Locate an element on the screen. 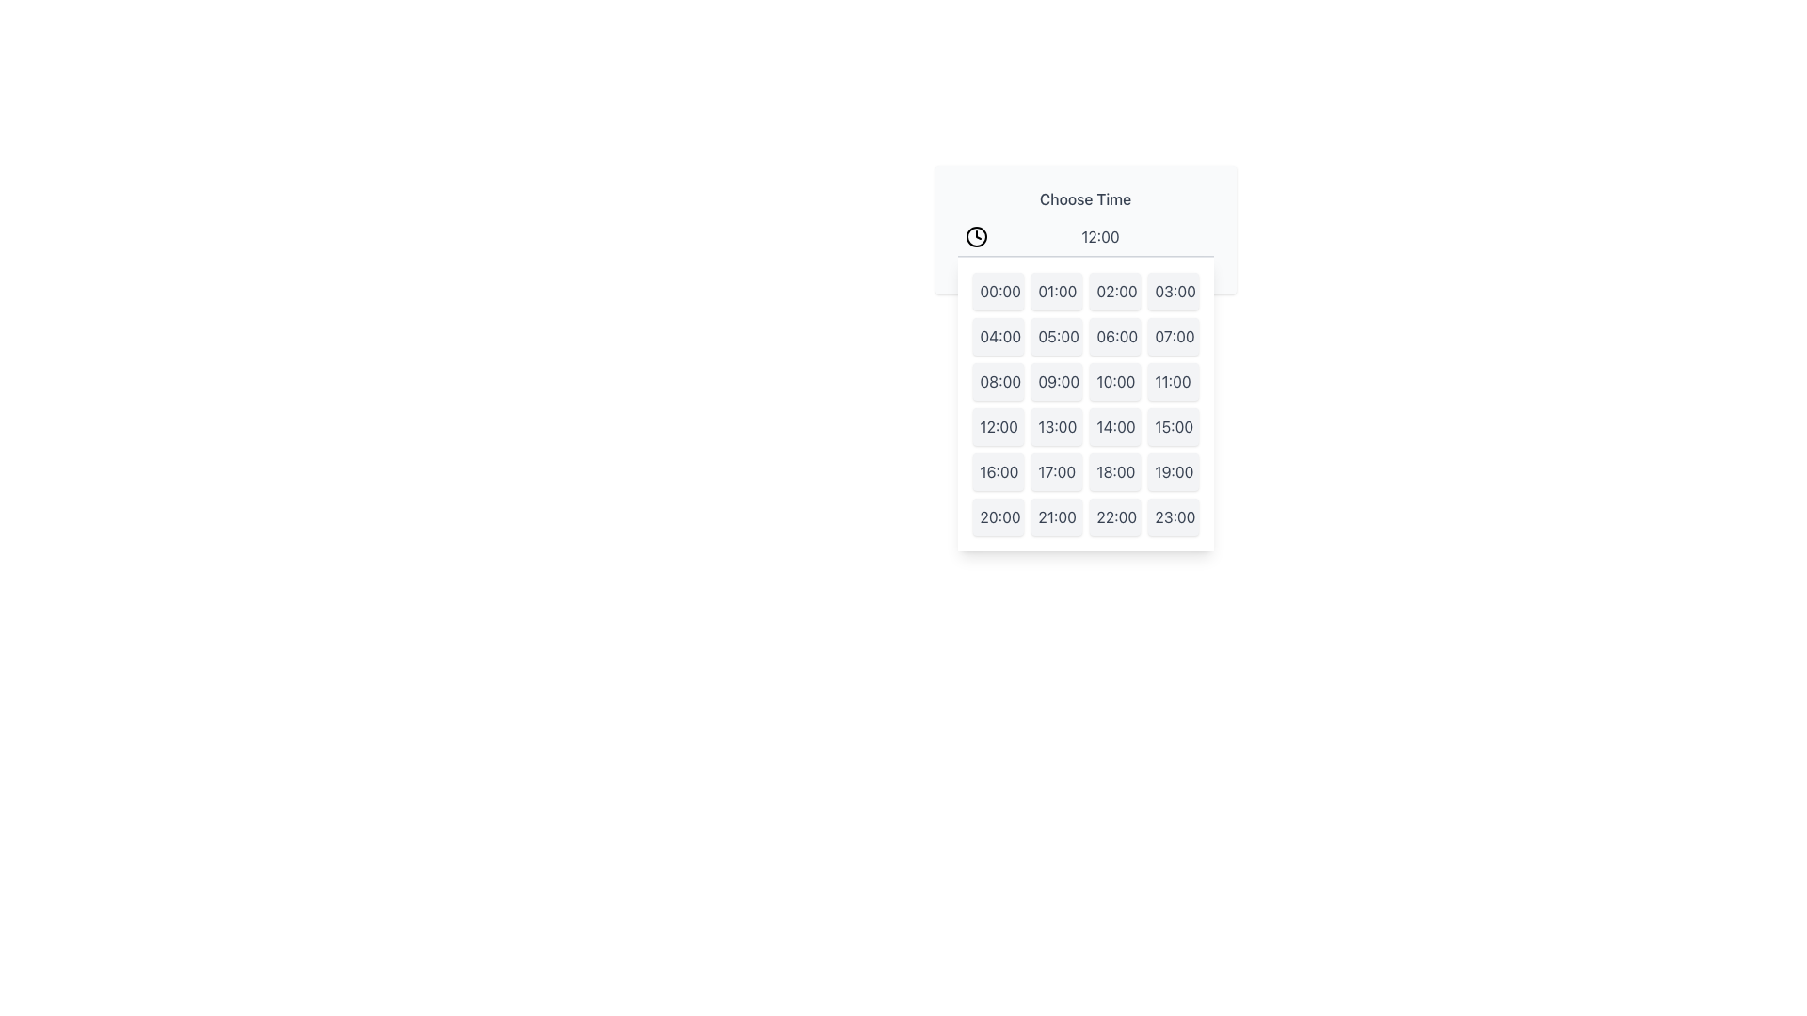 The image size is (1807, 1016). the button displaying '03:00' in dark gray on a light gray background, located as the fourth item in the first row of the grid of time options is located at coordinates (1172, 291).